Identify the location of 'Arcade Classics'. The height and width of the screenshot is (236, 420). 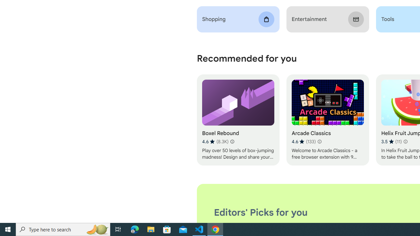
(327, 120).